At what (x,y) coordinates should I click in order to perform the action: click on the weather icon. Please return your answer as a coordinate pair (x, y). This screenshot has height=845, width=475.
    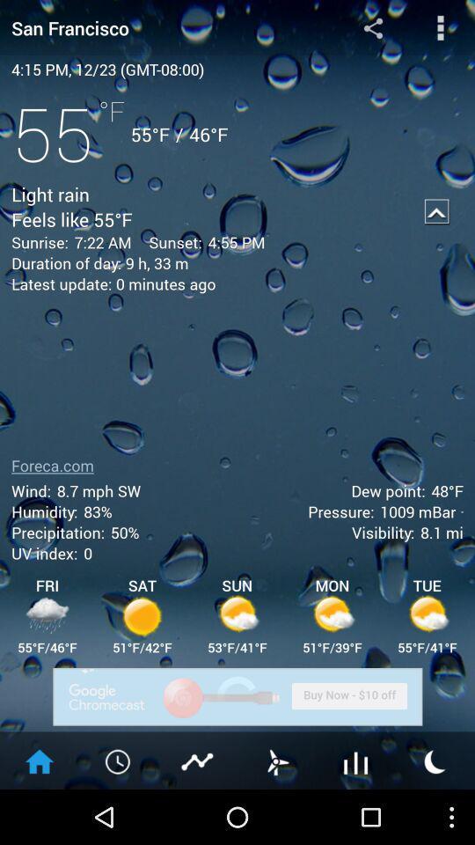
    Looking at the image, I should click on (276, 814).